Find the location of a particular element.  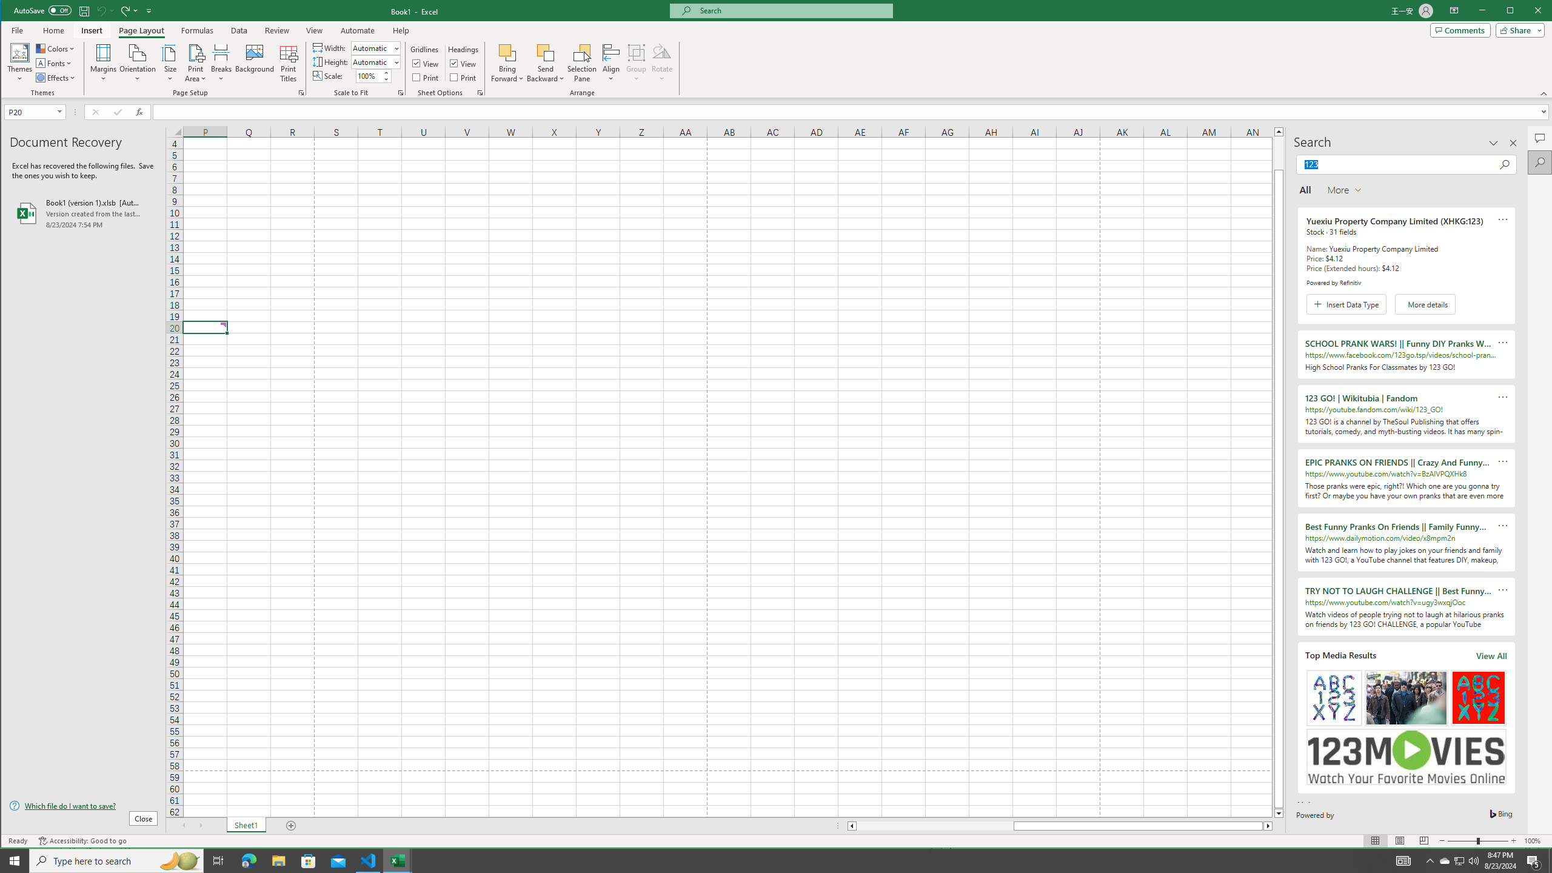

'Type here to search' is located at coordinates (116, 860).